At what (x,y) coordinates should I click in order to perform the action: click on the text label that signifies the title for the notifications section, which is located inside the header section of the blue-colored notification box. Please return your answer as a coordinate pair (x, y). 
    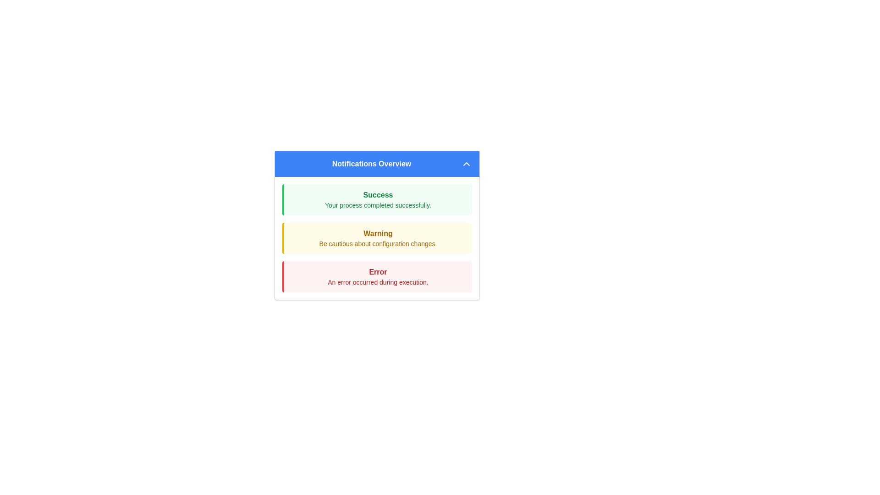
    Looking at the image, I should click on (372, 164).